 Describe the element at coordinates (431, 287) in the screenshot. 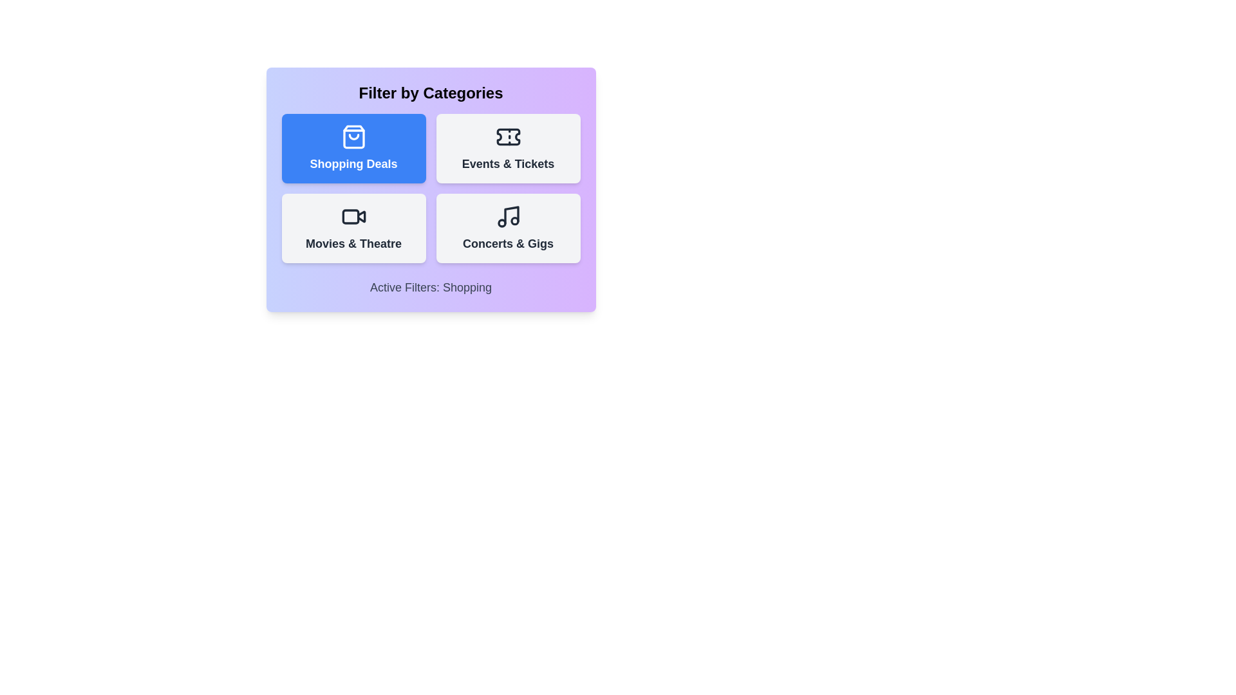

I see `the text of the element displaying the active filters at the bottom of the component` at that location.